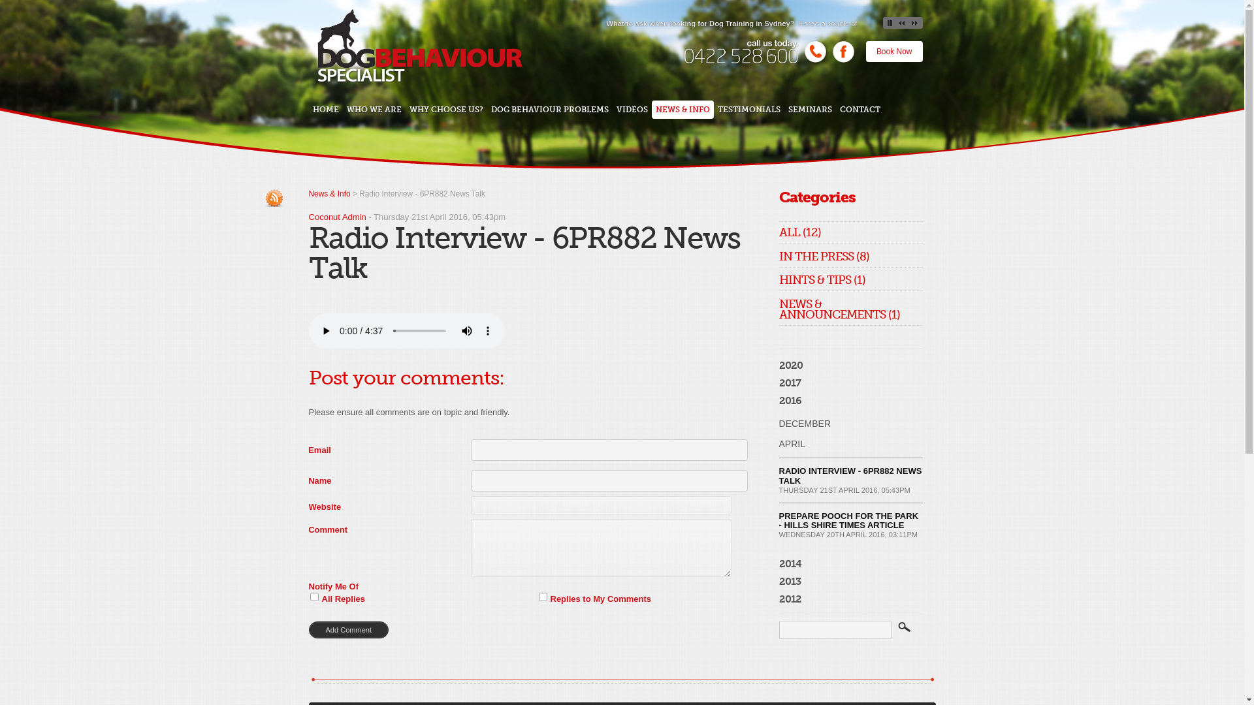 The height and width of the screenshot is (705, 1254). What do you see at coordinates (799, 234) in the screenshot?
I see `'ALL (12)'` at bounding box center [799, 234].